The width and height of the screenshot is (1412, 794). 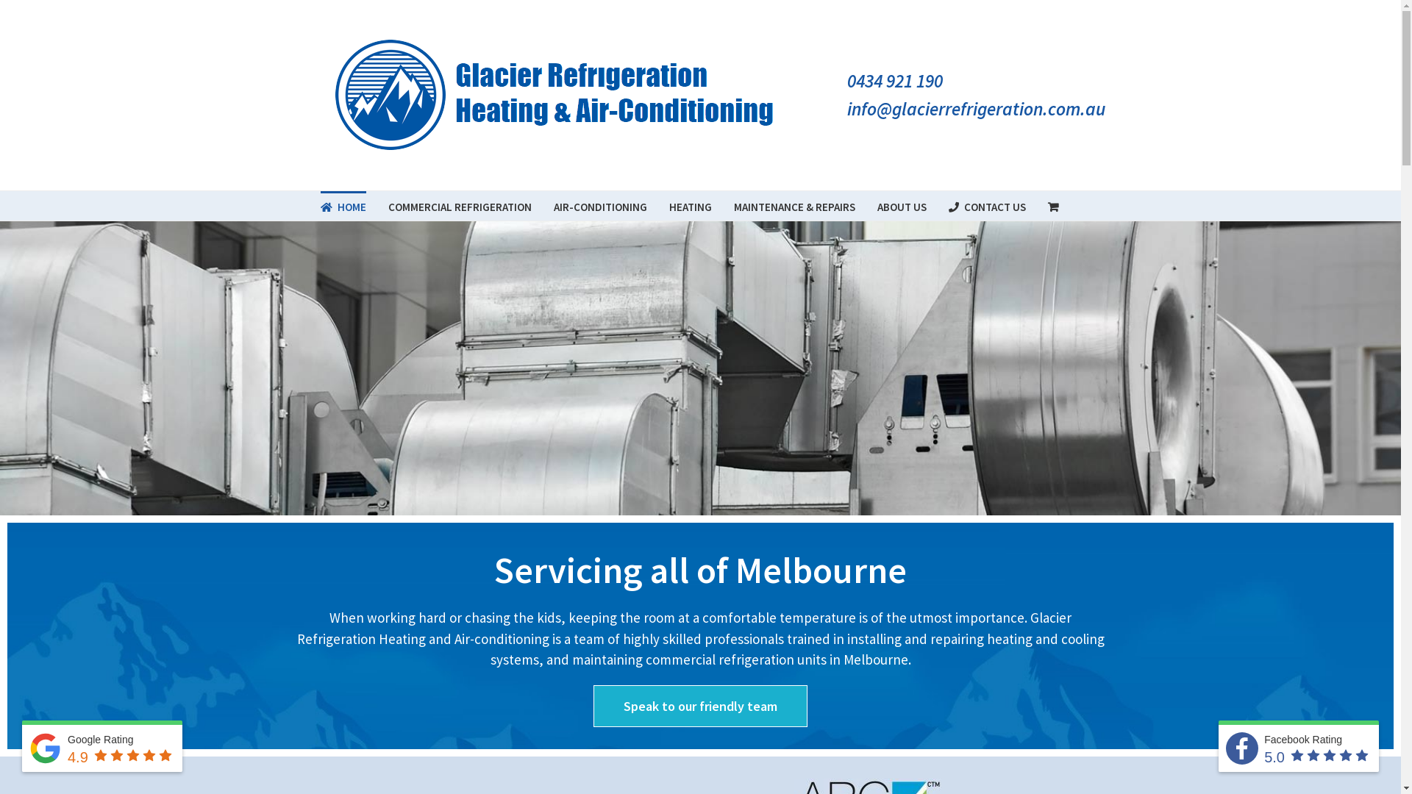 I want to click on 'HOME', so click(x=320, y=206).